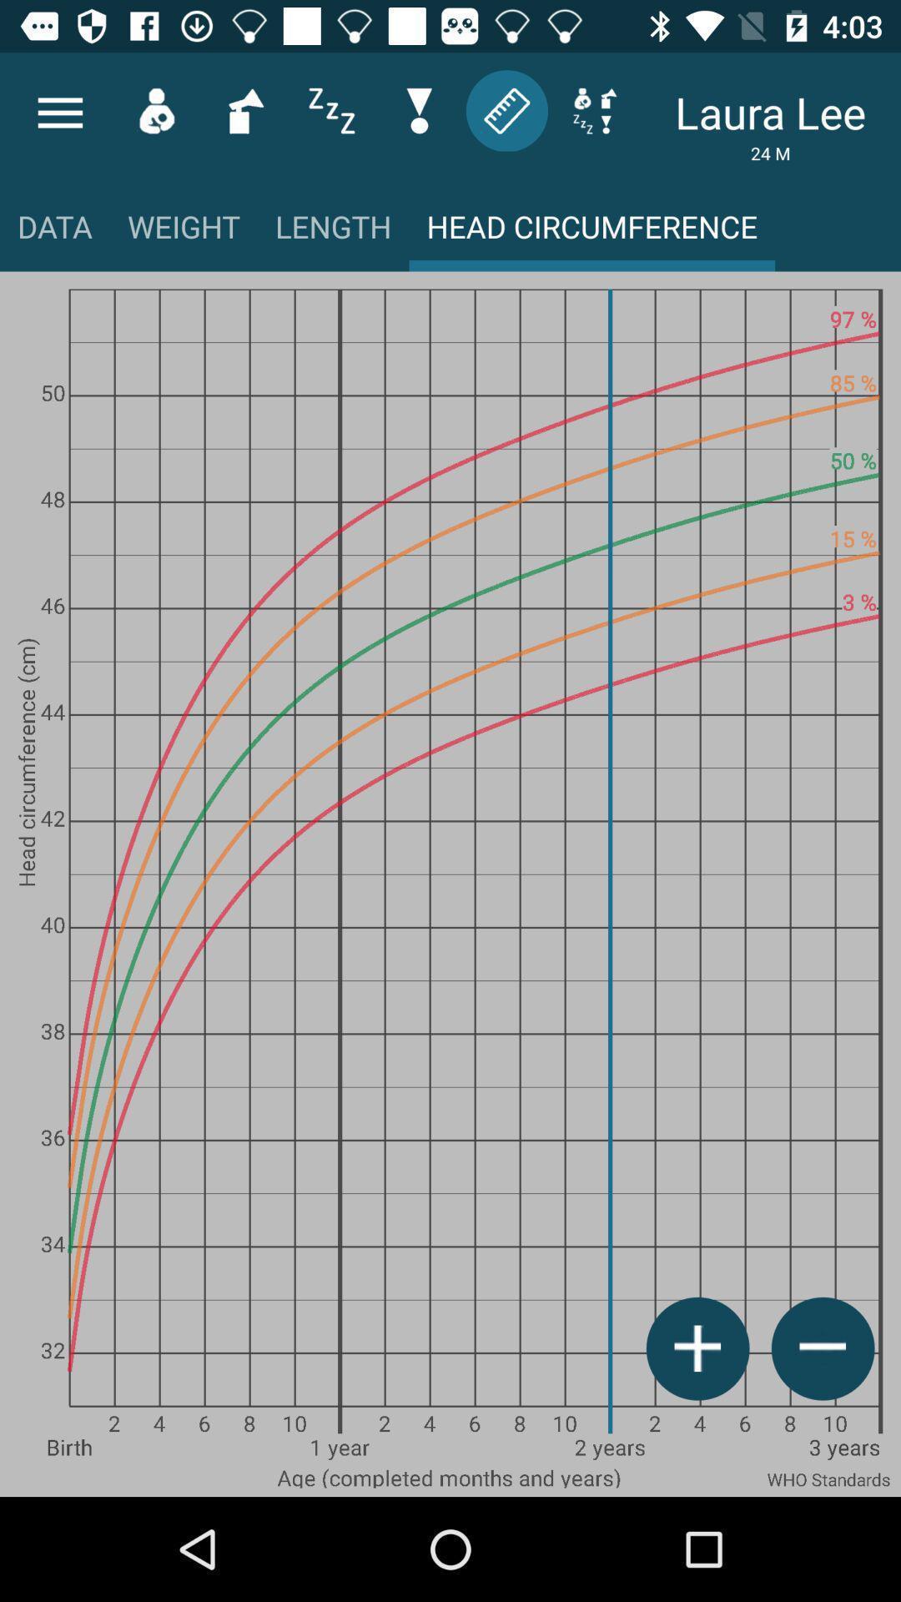 The image size is (901, 1602). I want to click on menu icon, so click(59, 112).